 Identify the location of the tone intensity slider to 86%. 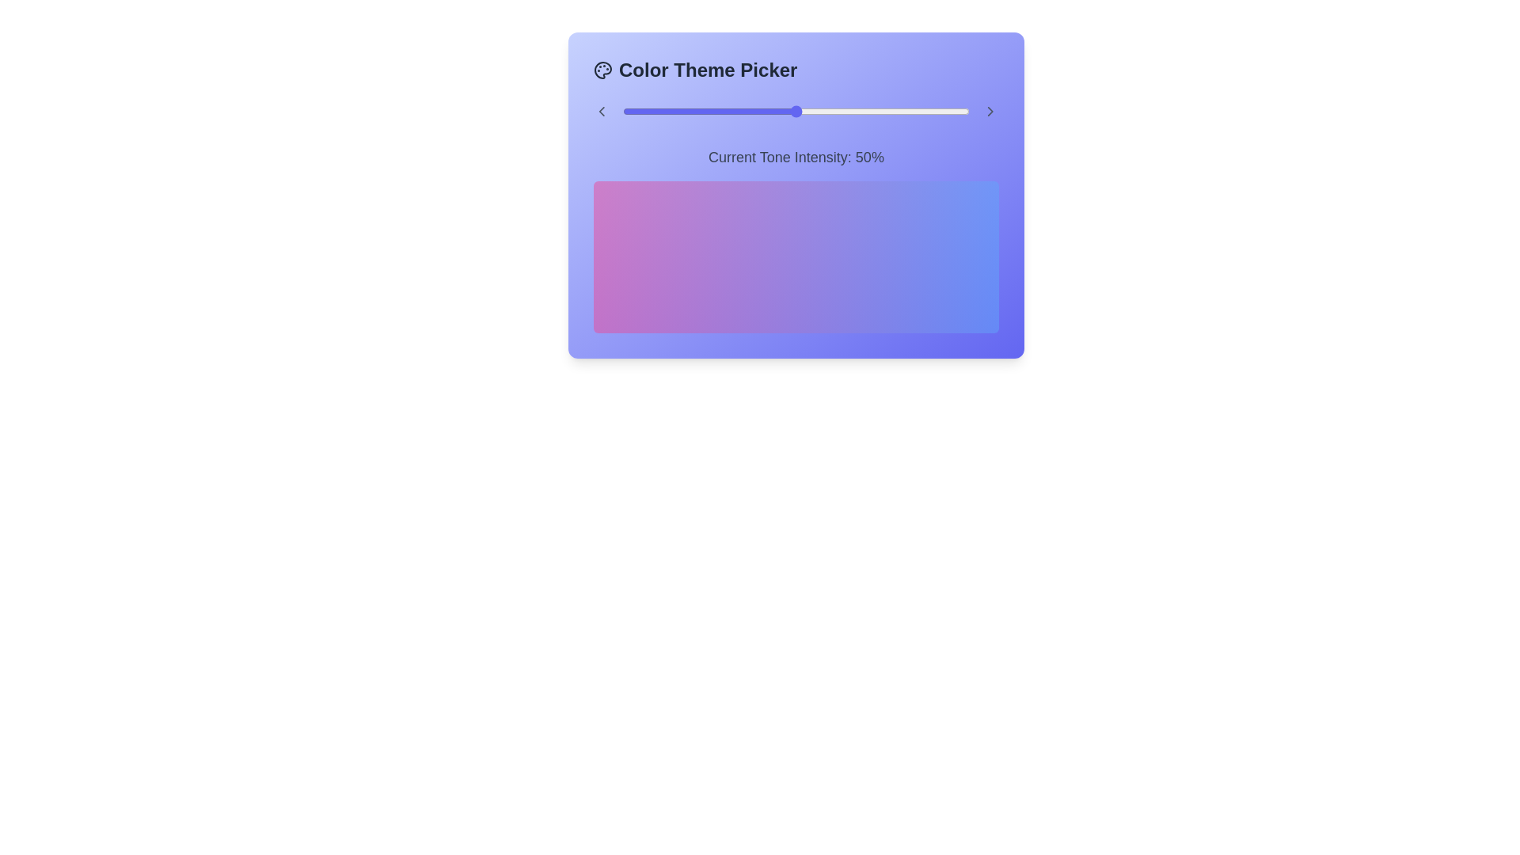
(921, 111).